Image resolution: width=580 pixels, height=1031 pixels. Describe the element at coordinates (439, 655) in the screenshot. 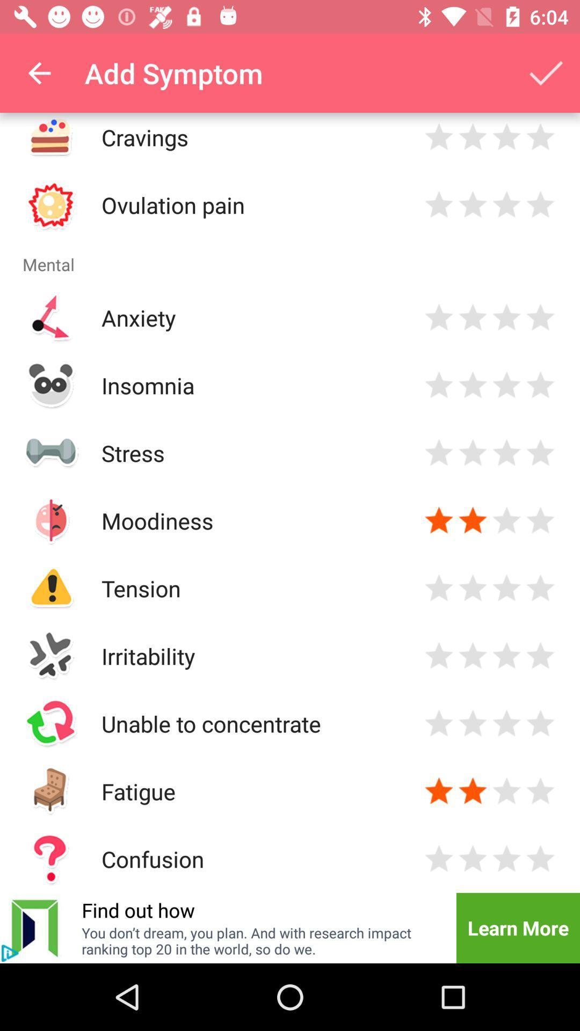

I see `rate a symptom` at that location.